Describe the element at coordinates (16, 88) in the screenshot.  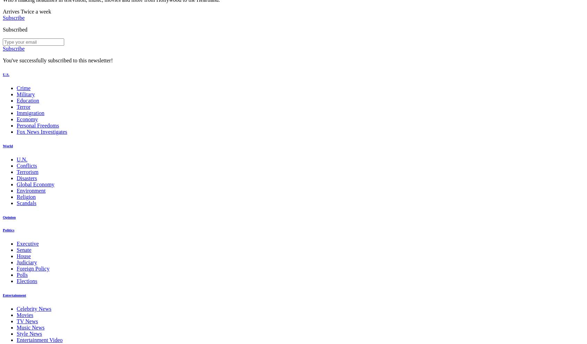
I see `'Crime'` at that location.